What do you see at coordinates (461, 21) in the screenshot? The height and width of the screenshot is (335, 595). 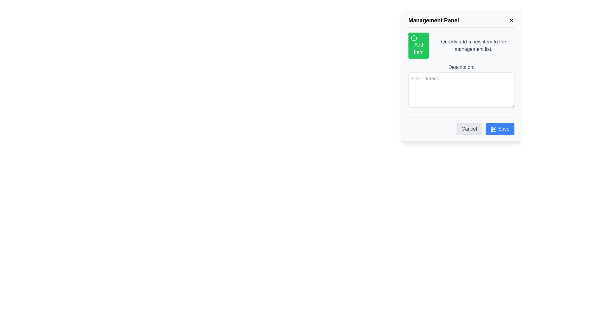 I see `the 'Management Panel' title at the top of the modal window, which is displayed in bold and large font size` at bounding box center [461, 21].